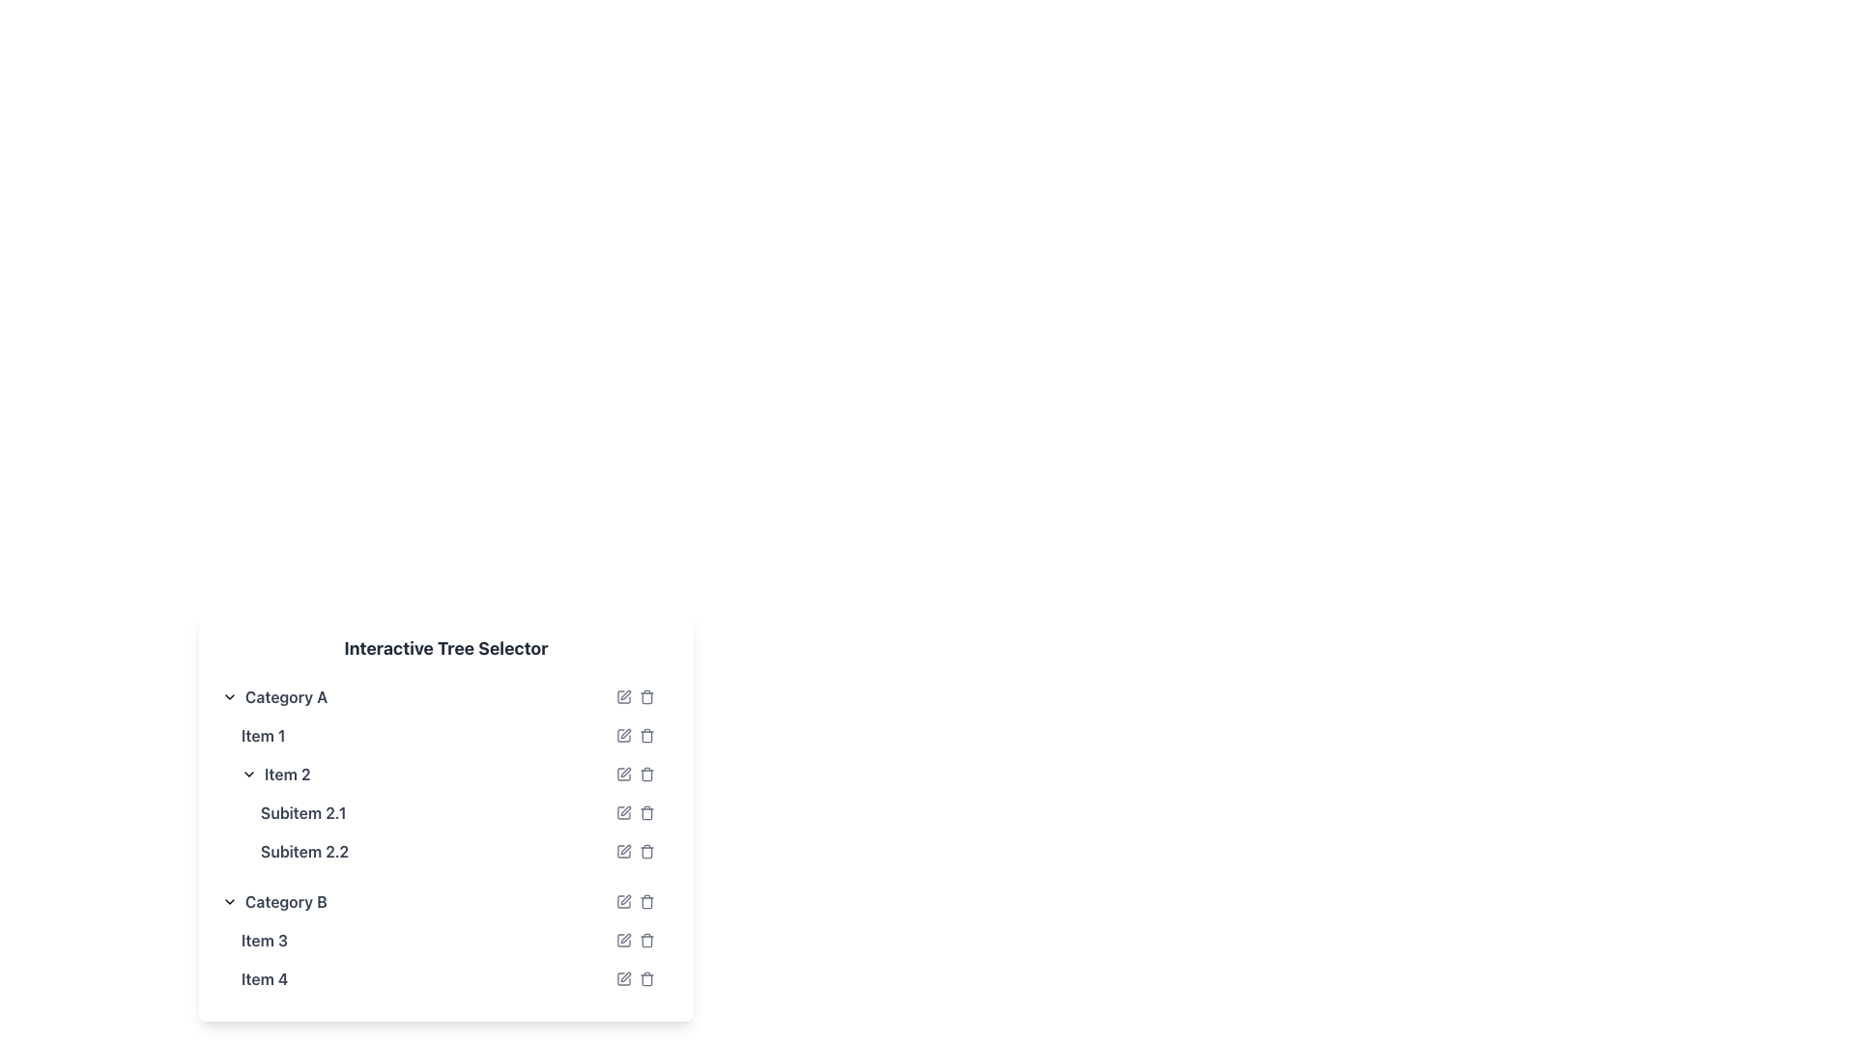  What do you see at coordinates (273, 696) in the screenshot?
I see `the 'Category A' text label with the bold font and gray color to interact with the collapsible section header` at bounding box center [273, 696].